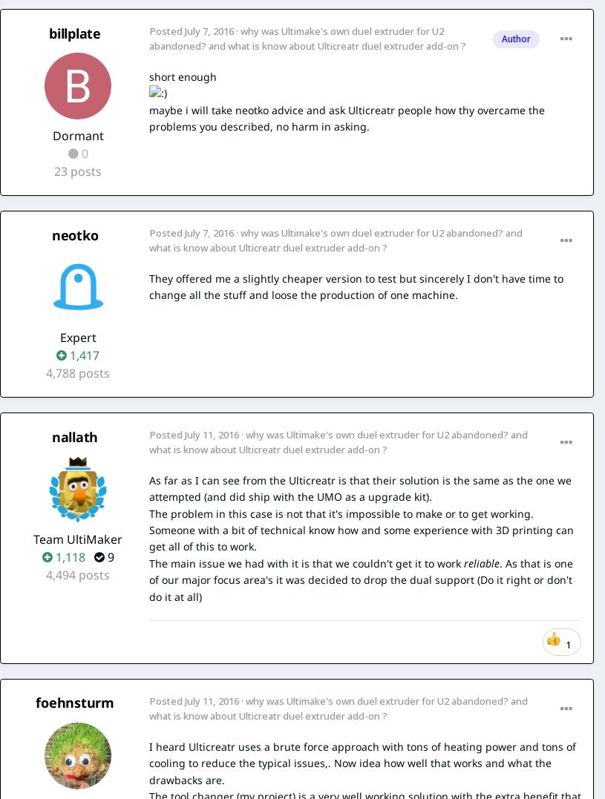 The height and width of the screenshot is (799, 605). I want to click on 'The problem in this case is not that it's impossible to make or to get working. Someone with a bit of technical know how and some experience with 3D printing can get all of this to work.', so click(148, 530).